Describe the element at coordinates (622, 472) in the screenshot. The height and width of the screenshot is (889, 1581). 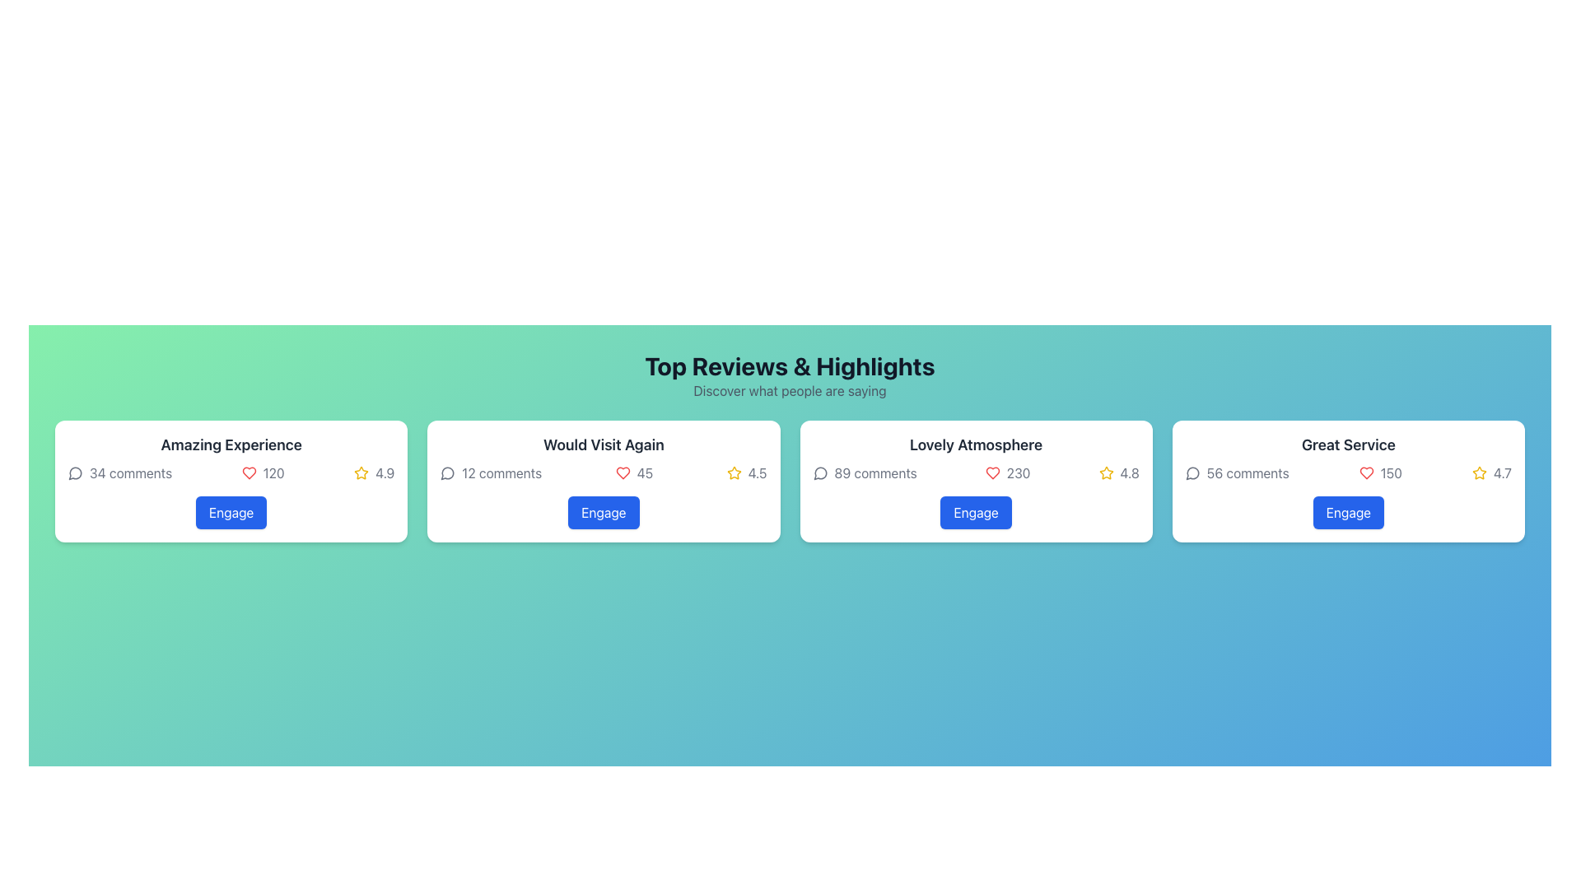
I see `the heart icon representing likes, located within the second review card titled 'Would Visit Again.'` at that location.